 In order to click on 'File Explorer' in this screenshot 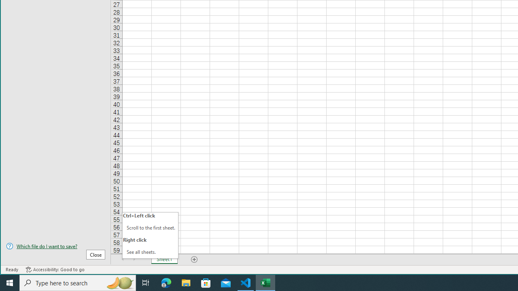, I will do `click(186, 282)`.